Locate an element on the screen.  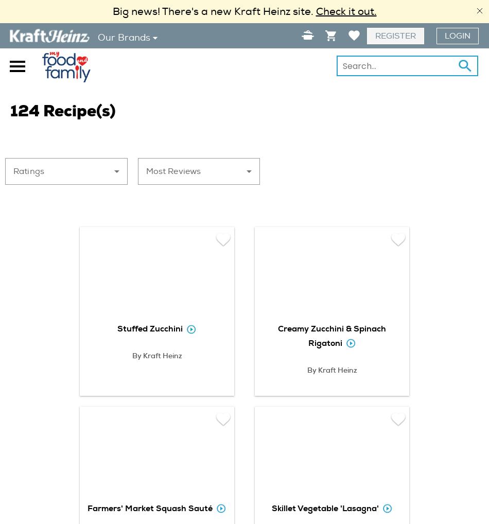
'Big news! There's a new' is located at coordinates (172, 11).